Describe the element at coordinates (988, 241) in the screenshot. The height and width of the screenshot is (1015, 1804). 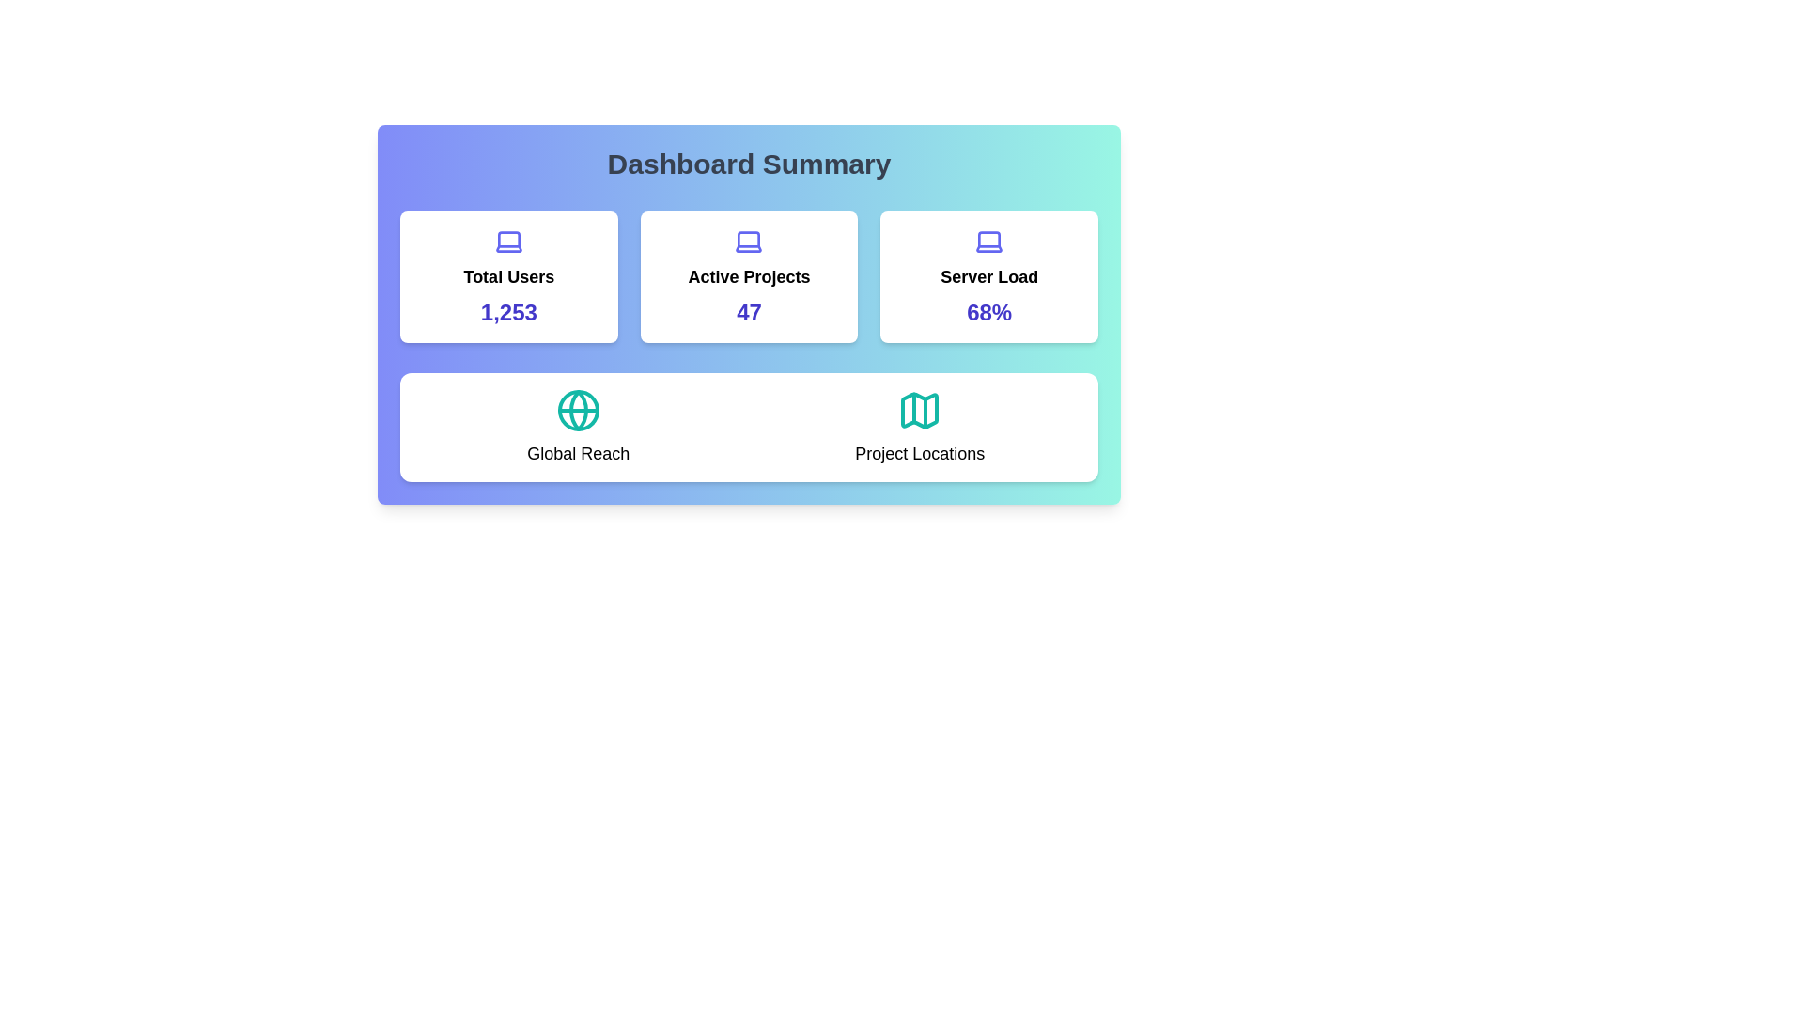
I see `the indigo laptop icon` at that location.